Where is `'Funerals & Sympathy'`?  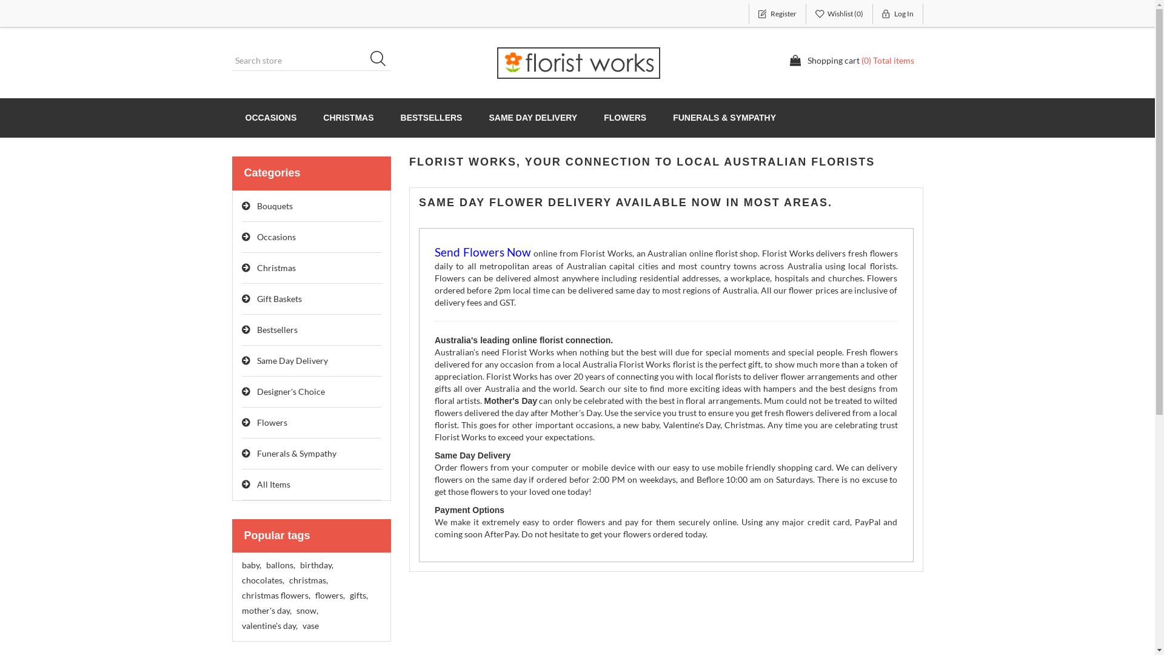
'Funerals & Sympathy' is located at coordinates (311, 454).